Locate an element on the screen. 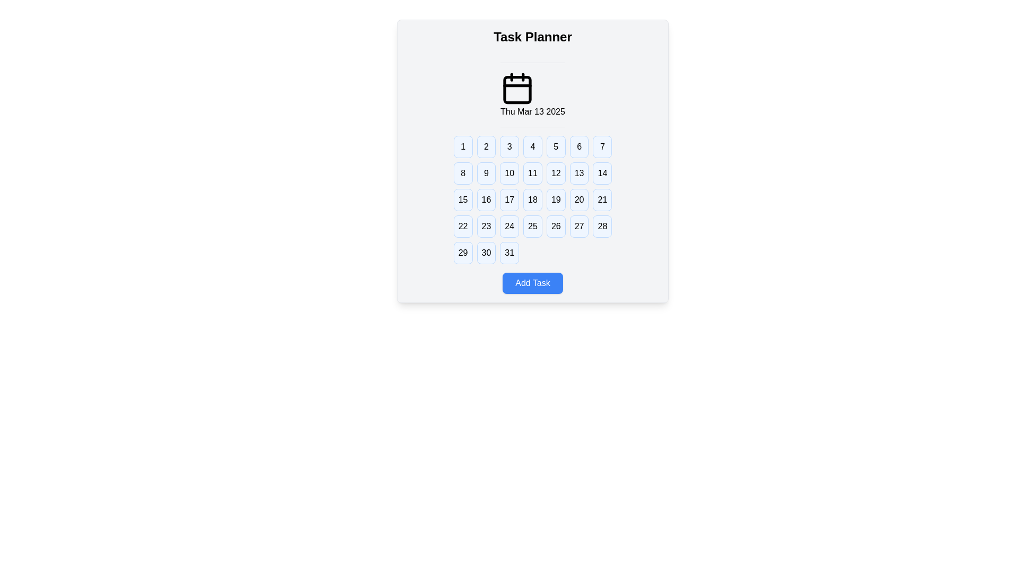  the Calendar Date Cell displaying the number 28 is located at coordinates (602, 226).